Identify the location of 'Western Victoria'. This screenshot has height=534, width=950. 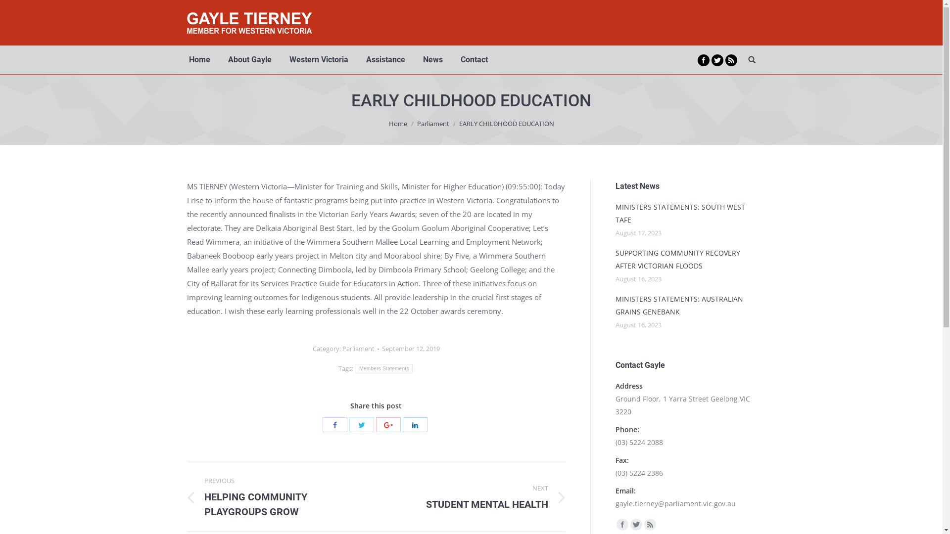
(318, 59).